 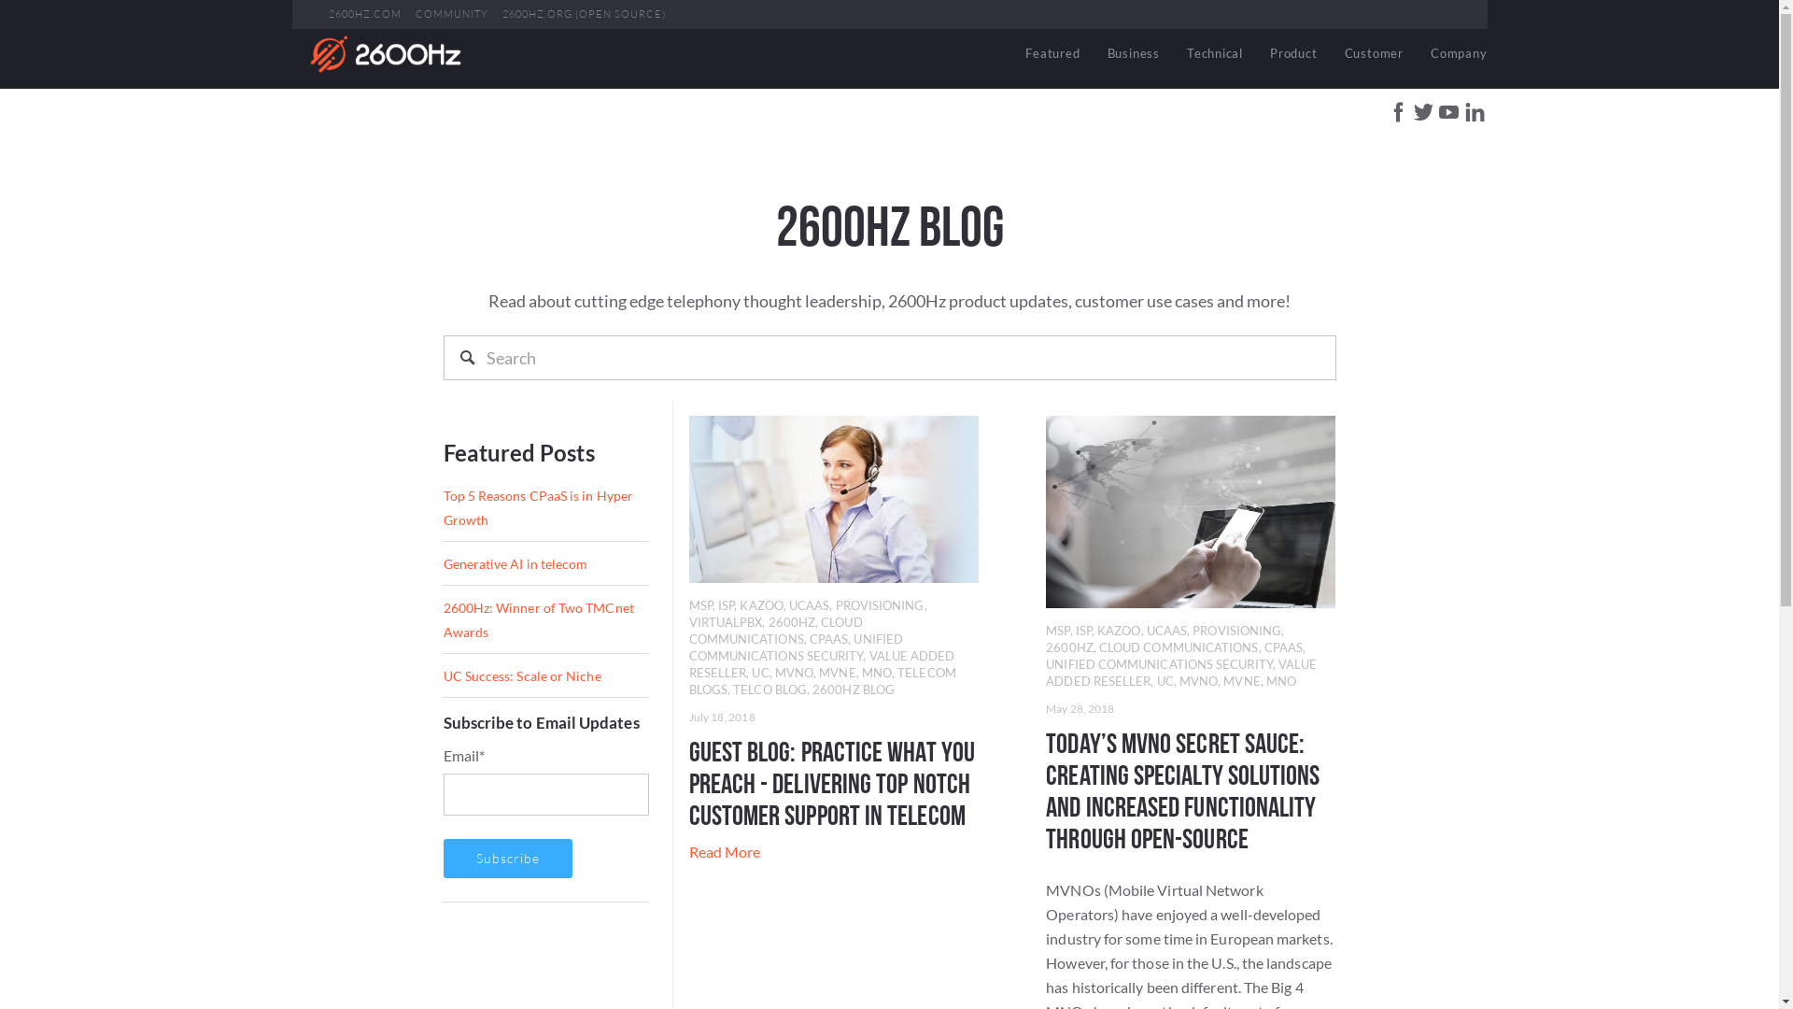 I want to click on 'Read More', so click(x=724, y=851).